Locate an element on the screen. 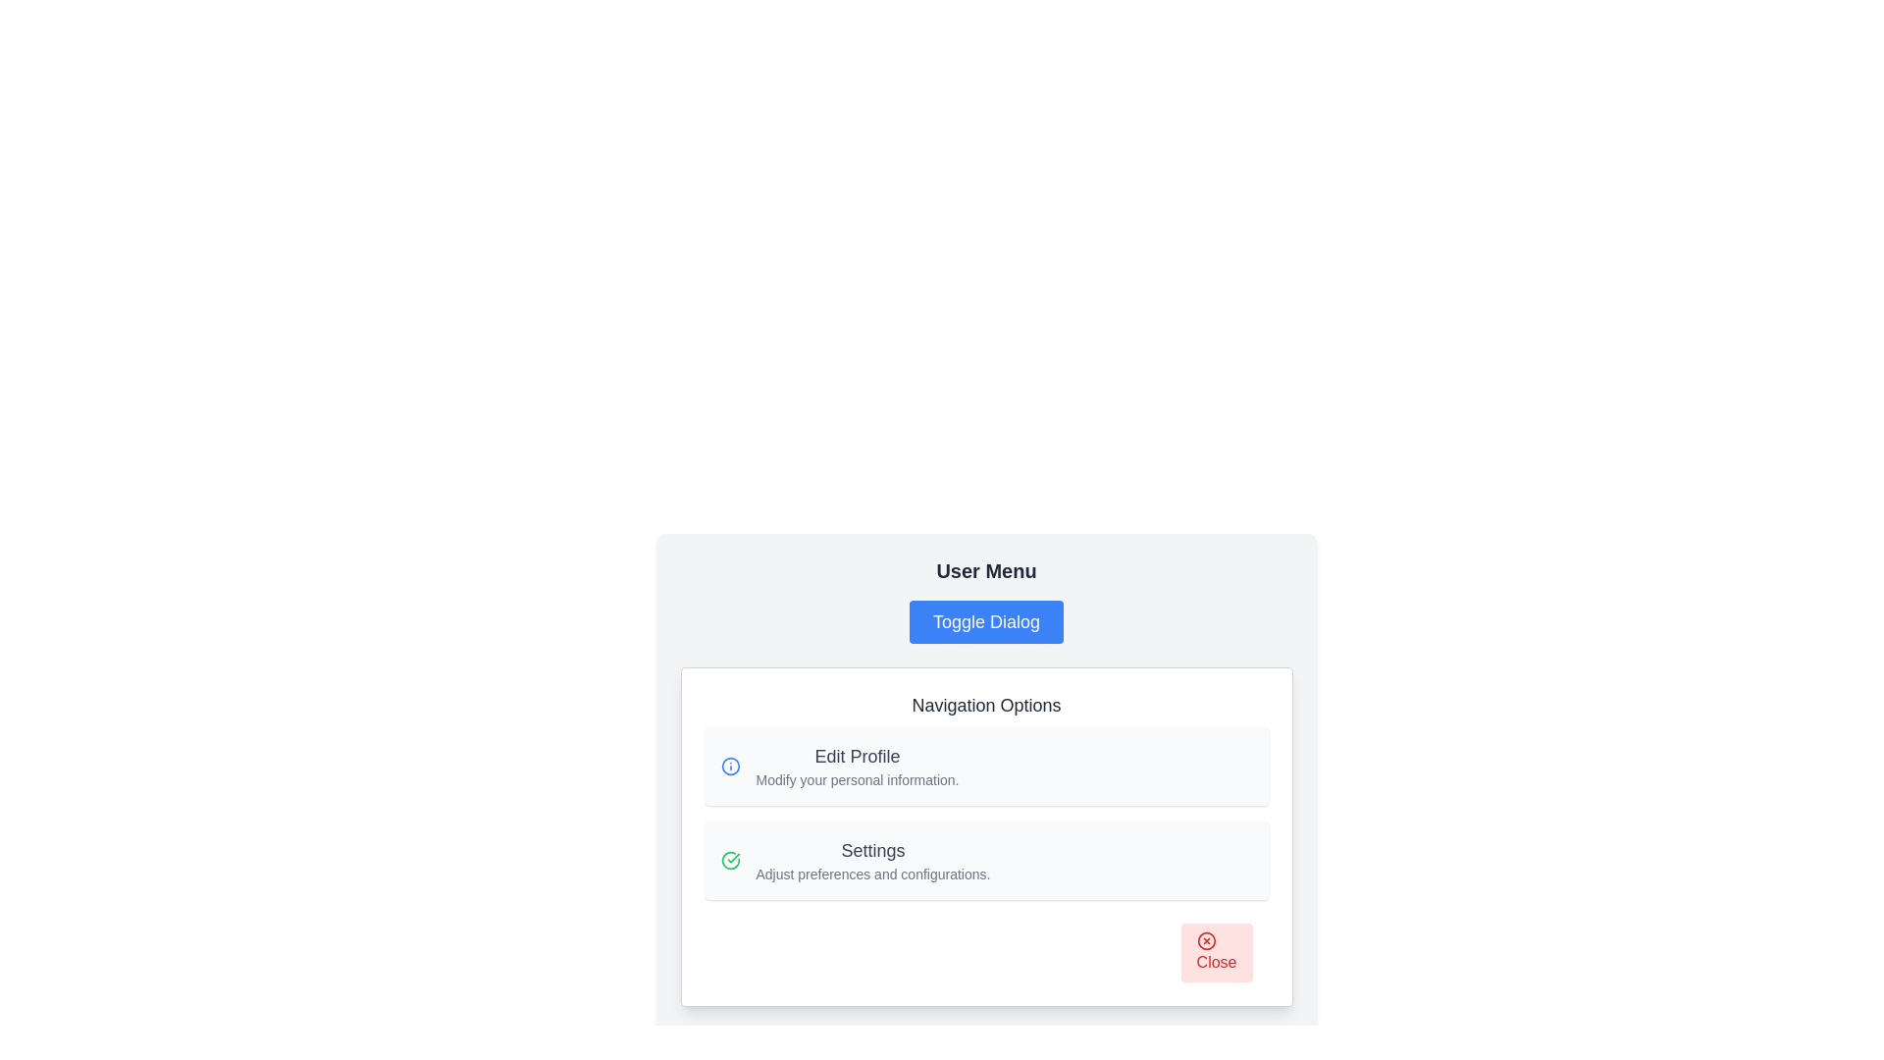 This screenshot has width=1884, height=1060. the 'Settings' label with subtitle, which displays a title in large gray font and a descriptive subtitle in smaller gray text, located in the 'User Menu' interface under 'Navigation Options' is located at coordinates (871, 859).